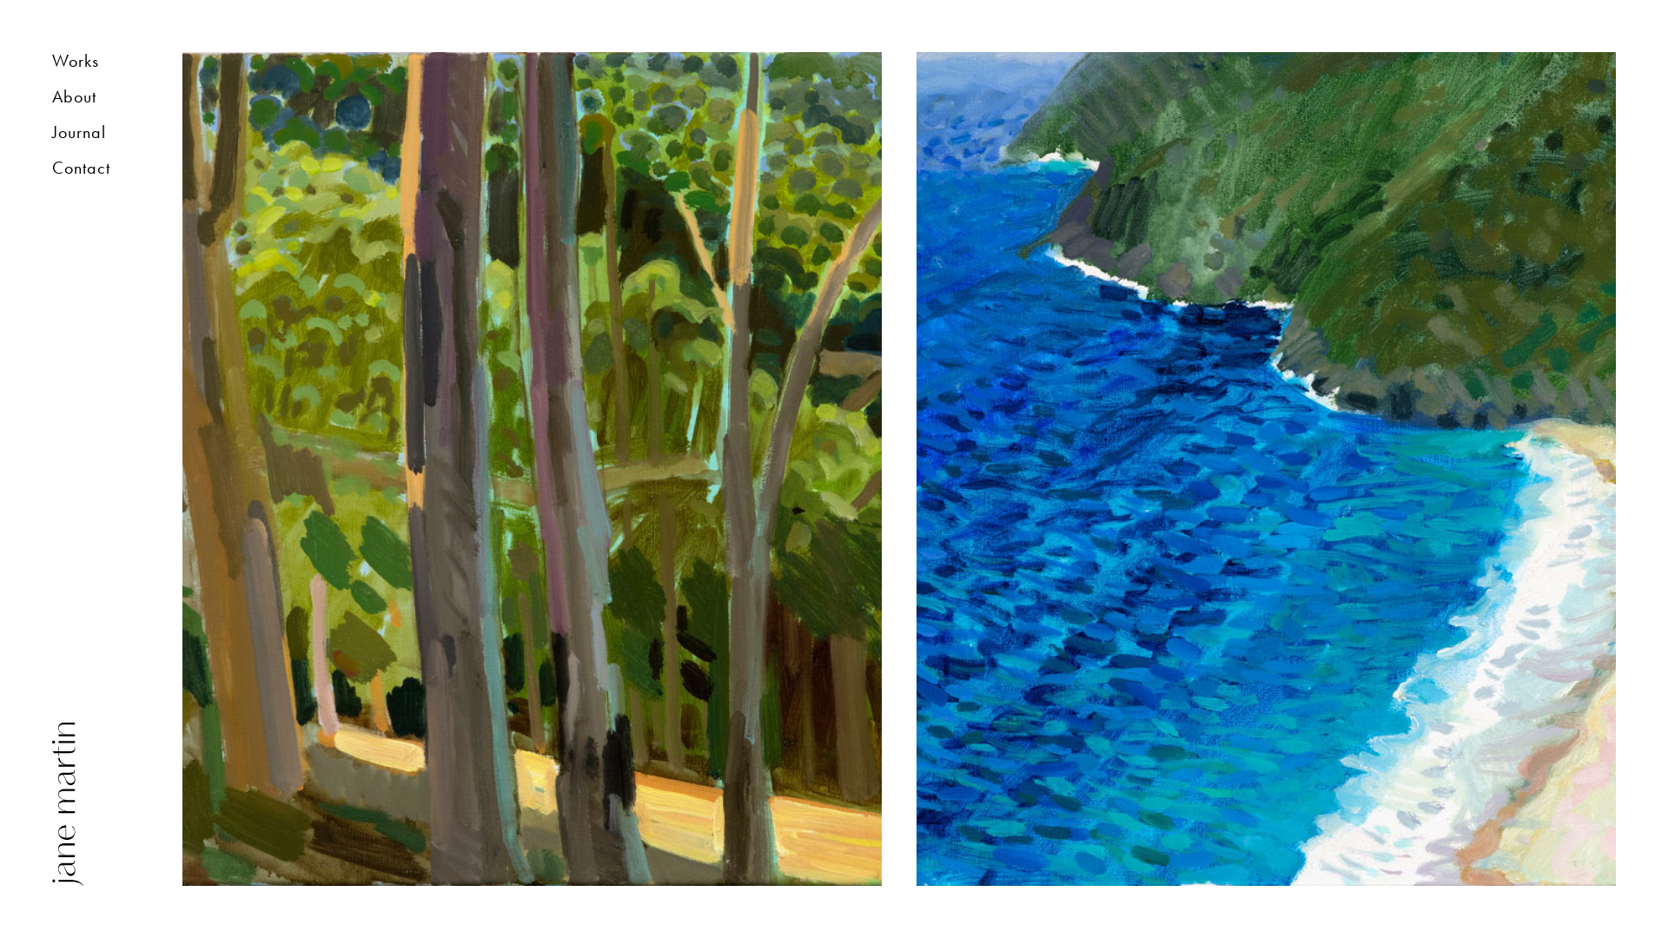 Image resolution: width=1668 pixels, height=938 pixels. I want to click on 'Contact', so click(90, 173).